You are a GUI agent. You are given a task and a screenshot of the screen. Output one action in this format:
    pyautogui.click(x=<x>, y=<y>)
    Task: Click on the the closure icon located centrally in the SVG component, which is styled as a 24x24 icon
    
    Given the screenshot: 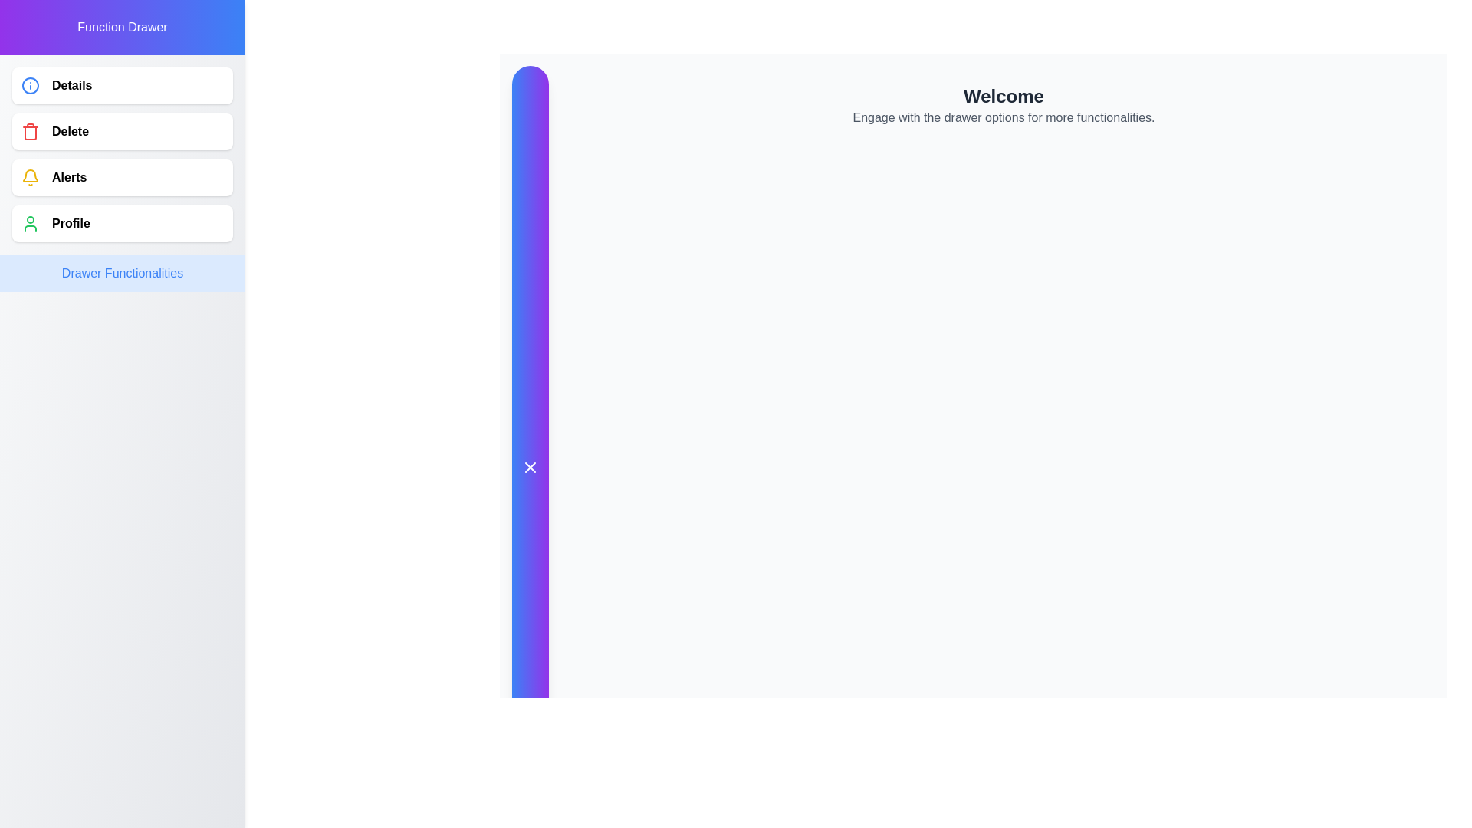 What is the action you would take?
    pyautogui.click(x=530, y=466)
    